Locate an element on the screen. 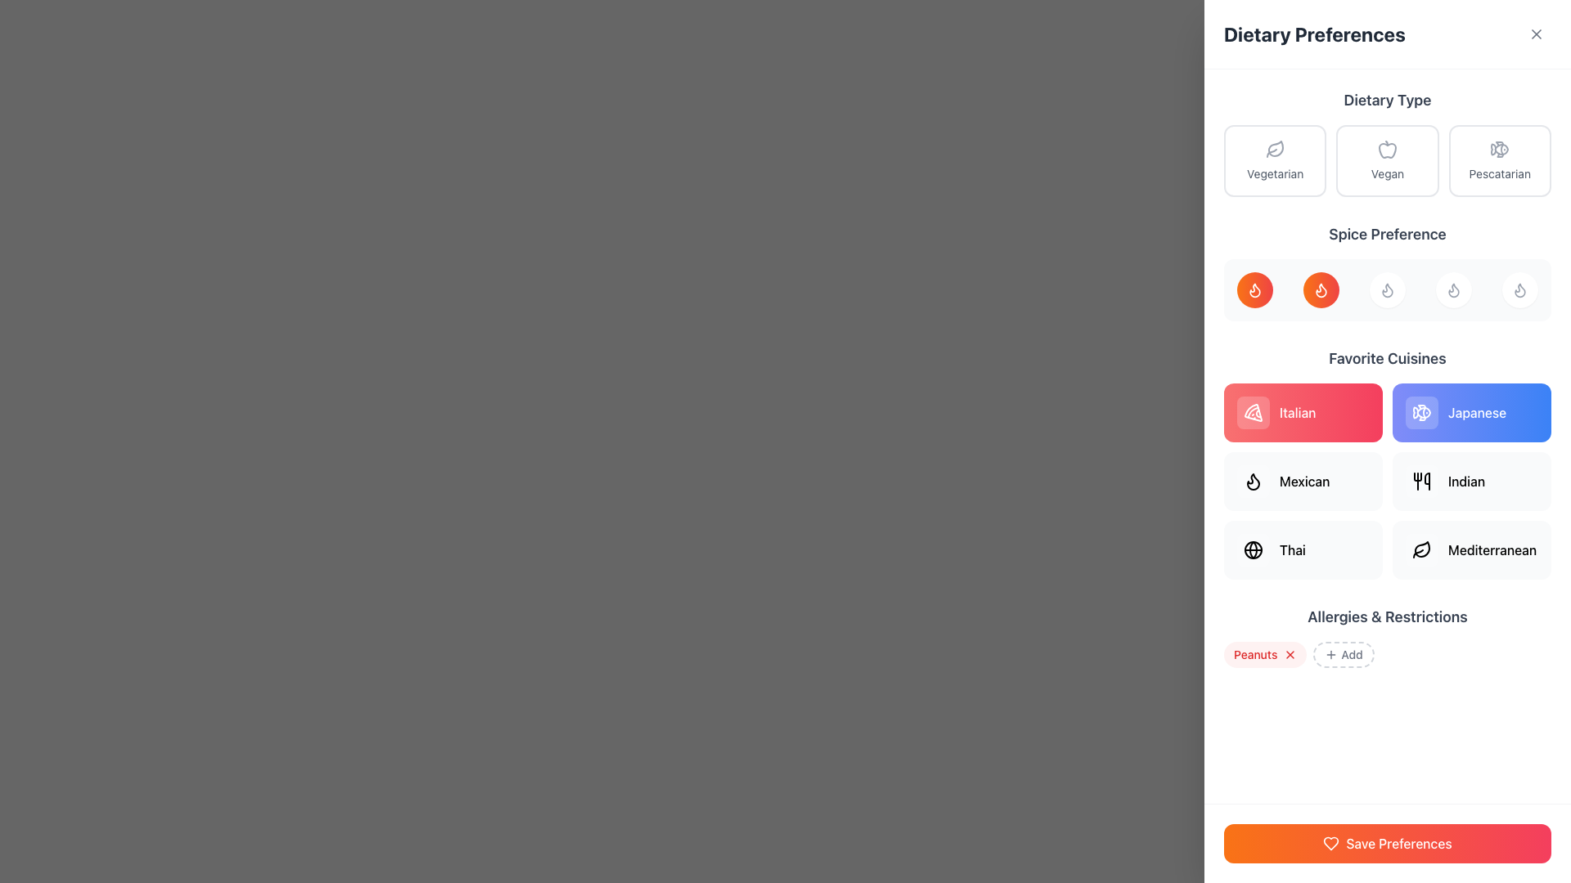  the third spice preference button located in the 'Spice Preference' section of the sidebar panel for accessibility purposes is located at coordinates (1386, 271).